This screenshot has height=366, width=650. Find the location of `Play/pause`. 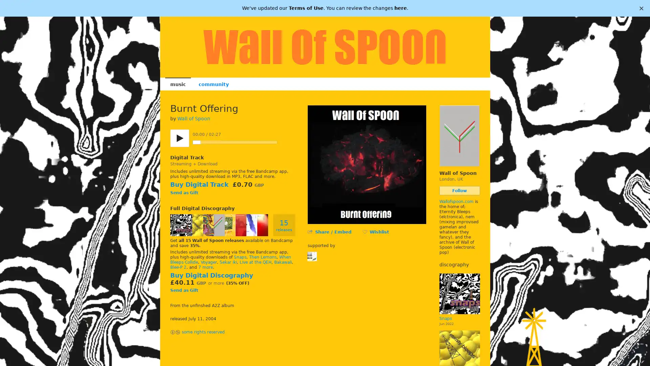

Play/pause is located at coordinates (179, 138).